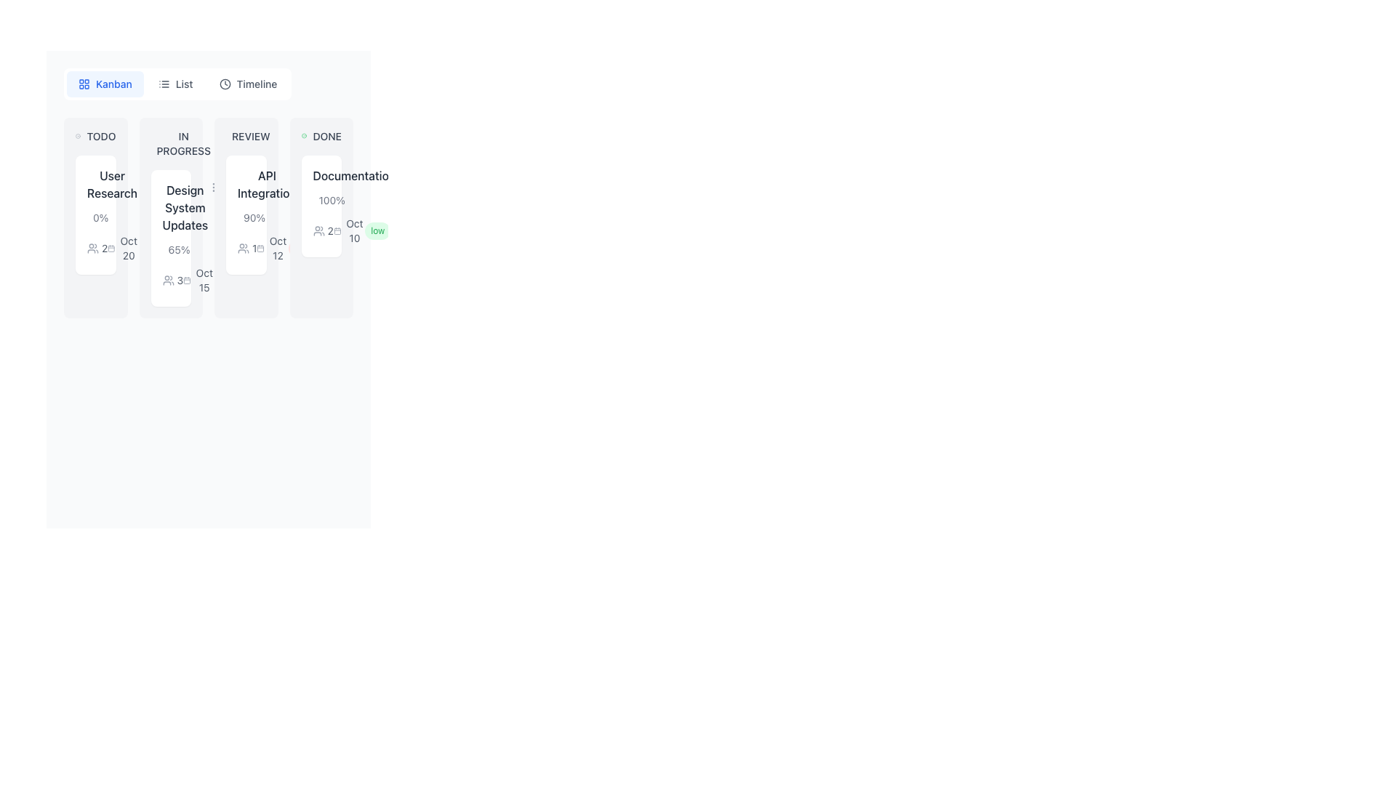  What do you see at coordinates (254, 218) in the screenshot?
I see `the text label displaying '90%' located in the 'API Integration' card within the 'REVIEW' column of the Kanban board` at bounding box center [254, 218].